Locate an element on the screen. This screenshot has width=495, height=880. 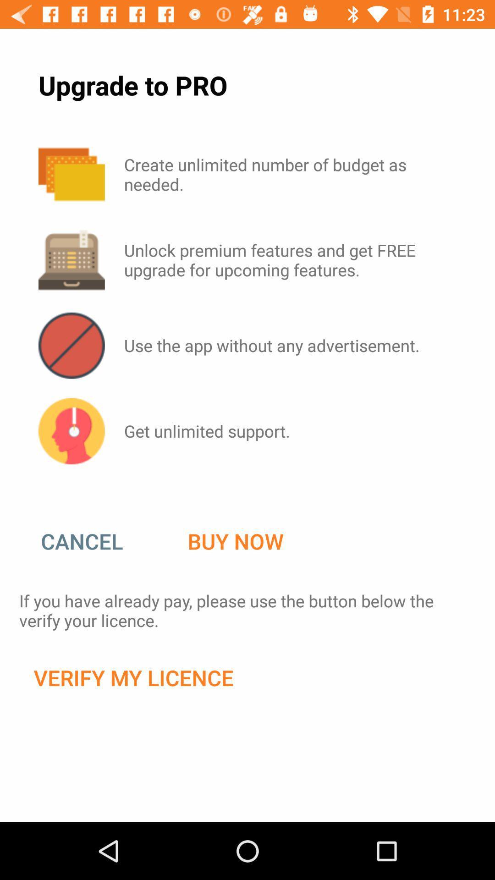
the cancel is located at coordinates (91, 541).